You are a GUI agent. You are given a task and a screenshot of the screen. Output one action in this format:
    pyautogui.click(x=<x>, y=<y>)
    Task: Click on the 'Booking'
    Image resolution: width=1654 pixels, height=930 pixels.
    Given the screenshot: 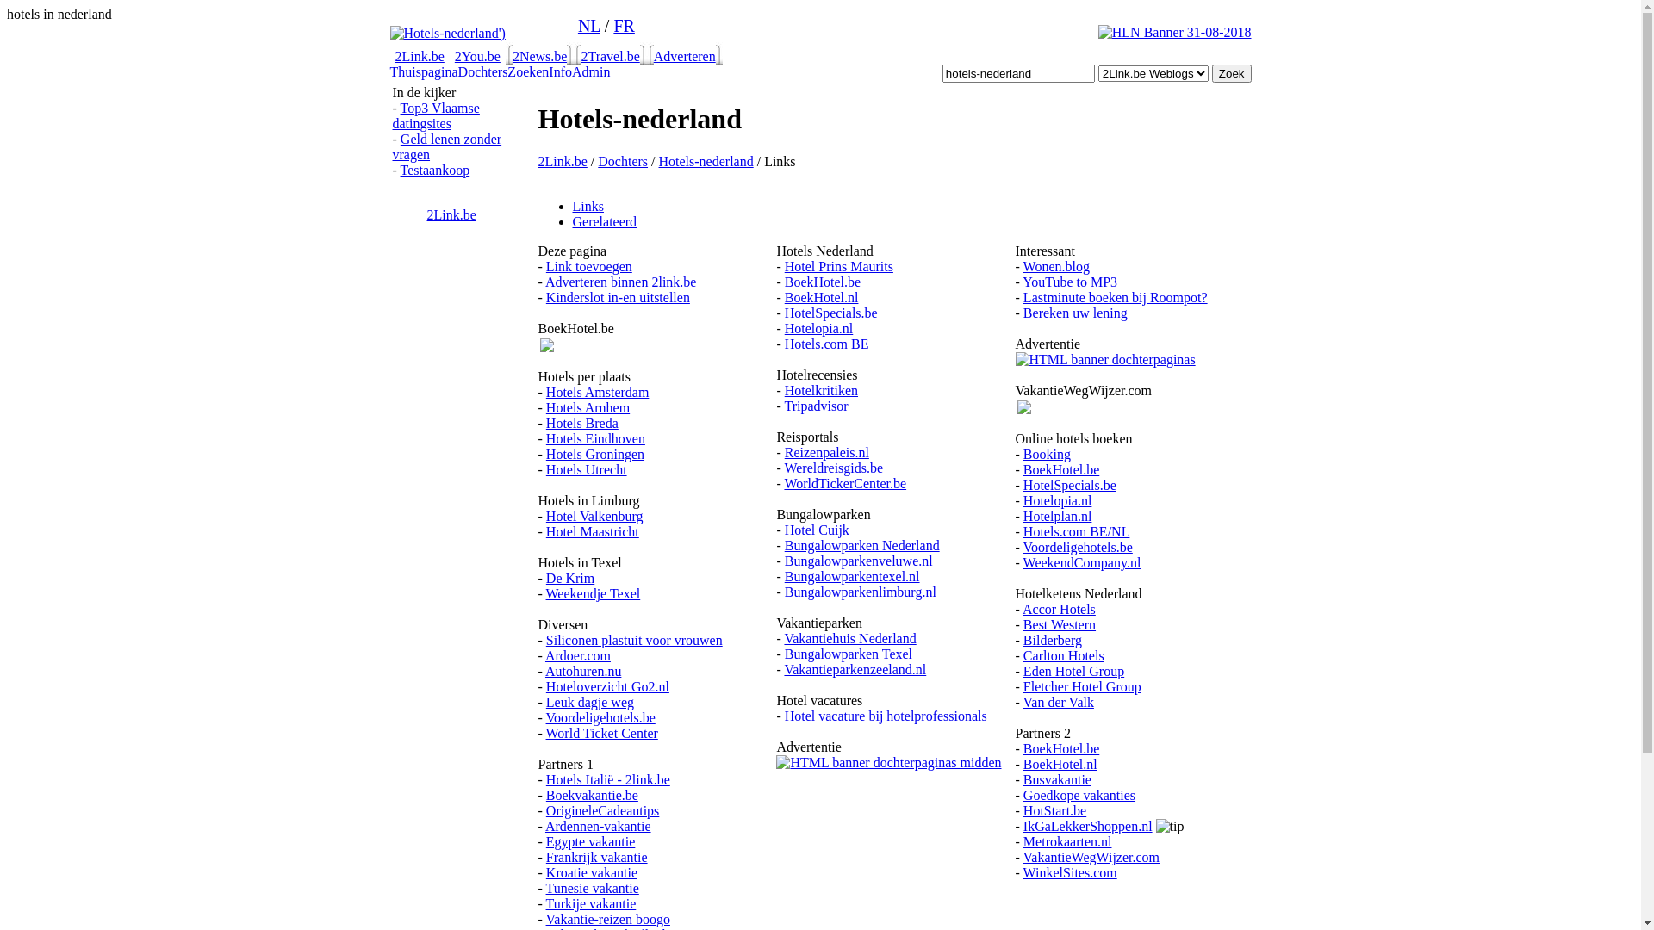 What is the action you would take?
    pyautogui.click(x=1023, y=453)
    